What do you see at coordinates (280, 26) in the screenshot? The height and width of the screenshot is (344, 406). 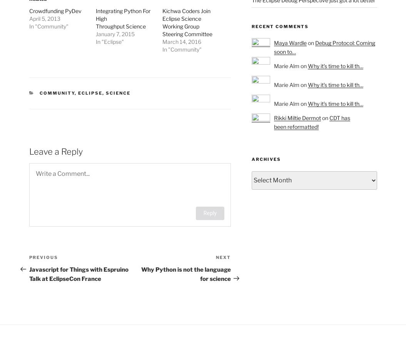 I see `'Recent Comments'` at bounding box center [280, 26].